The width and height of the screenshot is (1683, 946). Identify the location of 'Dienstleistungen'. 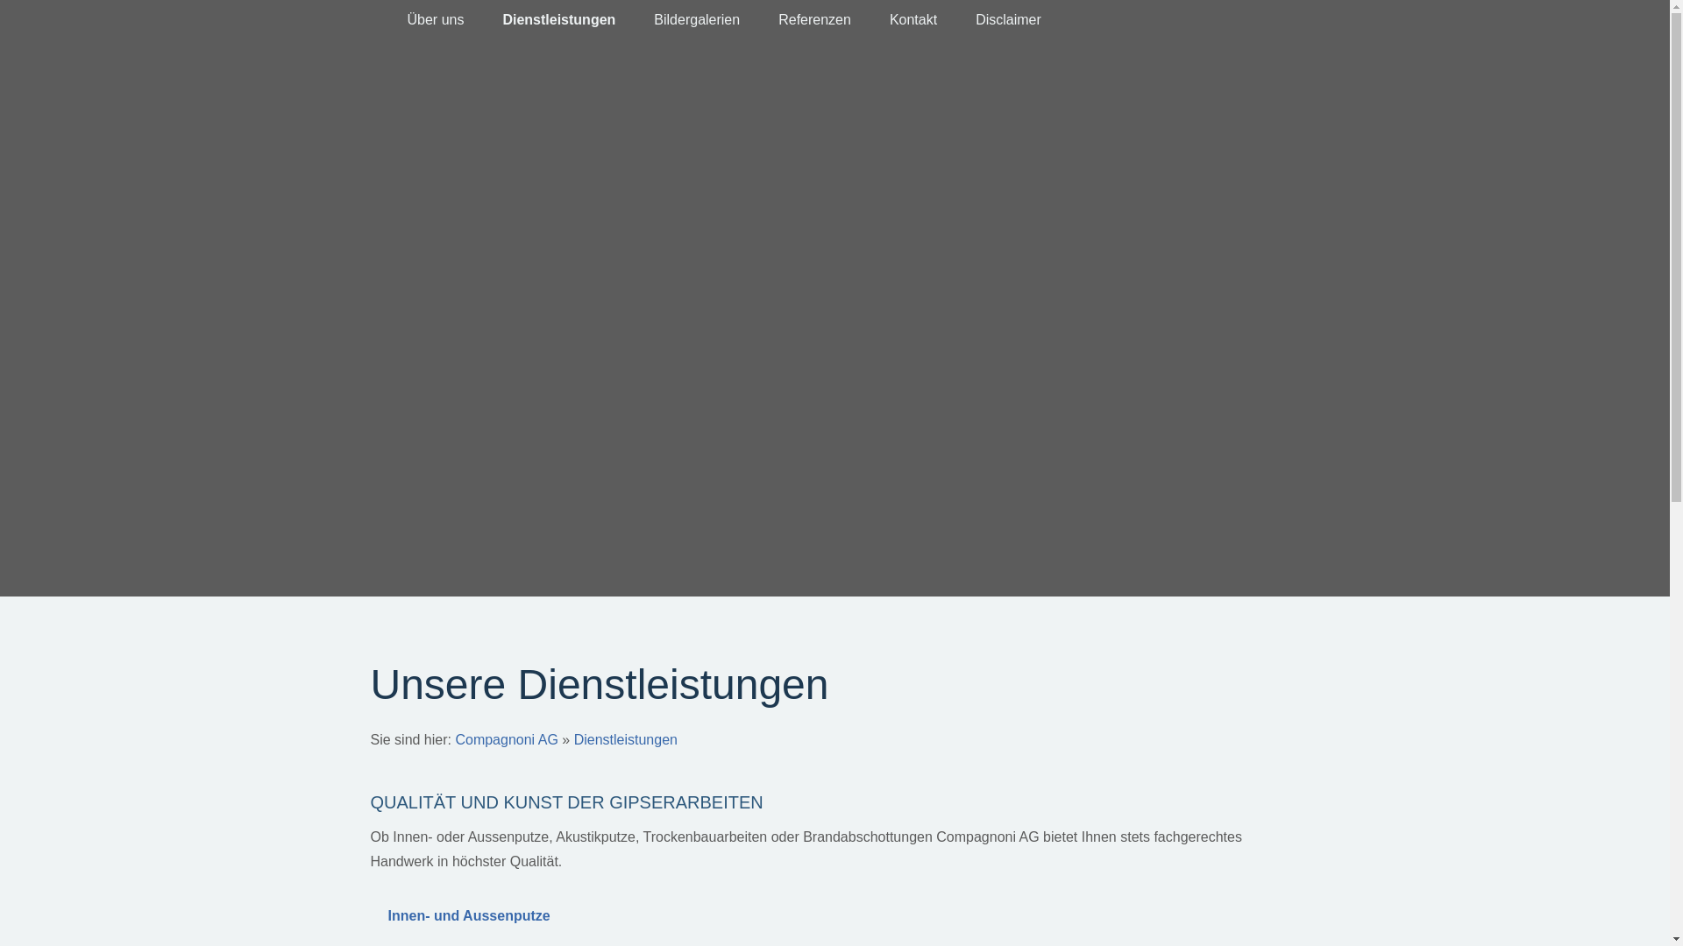
(626, 739).